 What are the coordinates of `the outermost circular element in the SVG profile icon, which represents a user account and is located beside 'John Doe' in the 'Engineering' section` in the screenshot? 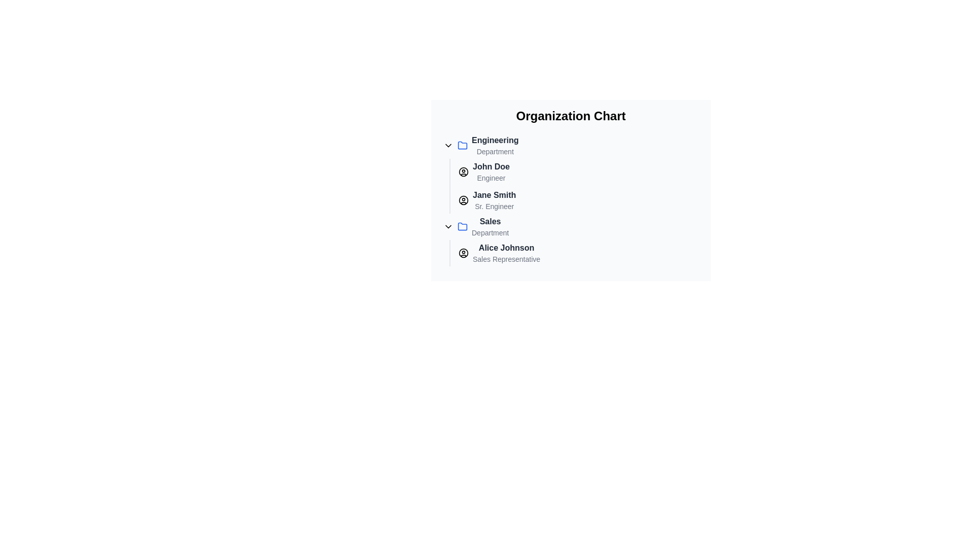 It's located at (463, 172).